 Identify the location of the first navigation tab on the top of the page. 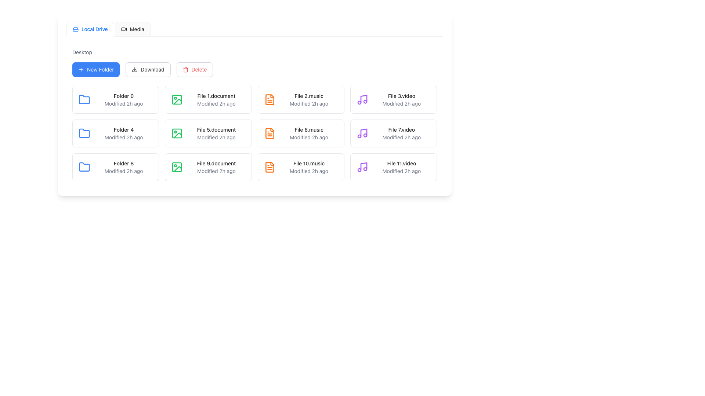
(90, 29).